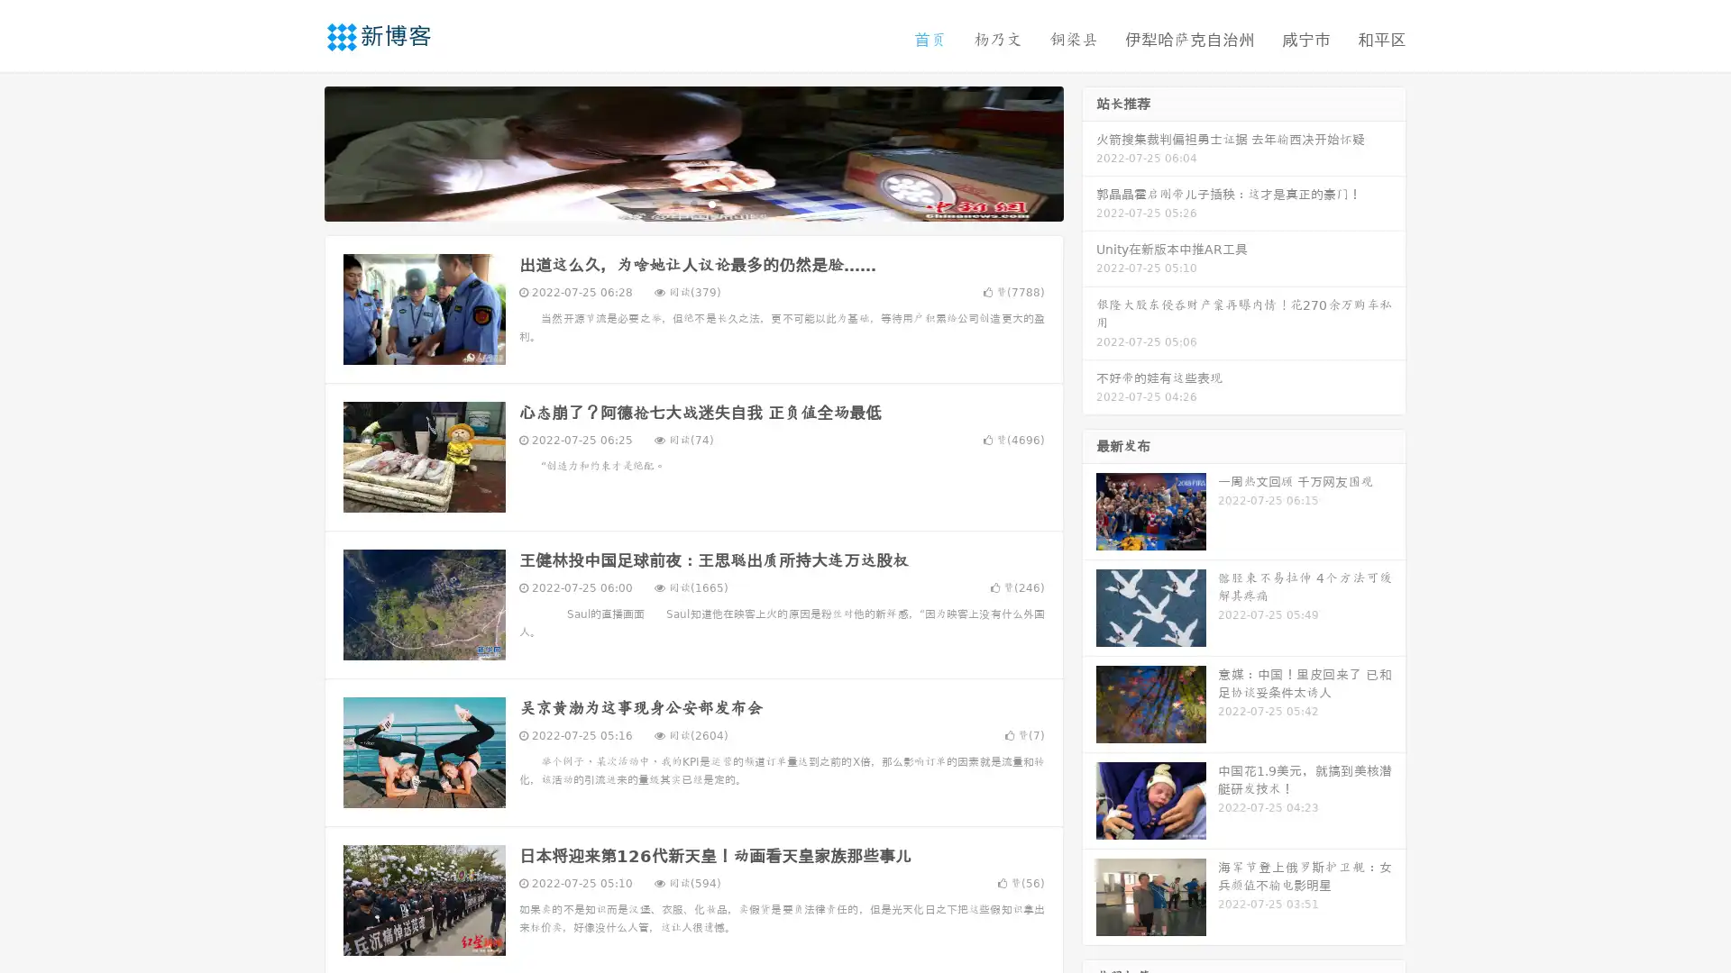 This screenshot has height=973, width=1731. Describe the element at coordinates (692, 203) in the screenshot. I see `Go to slide 2` at that location.